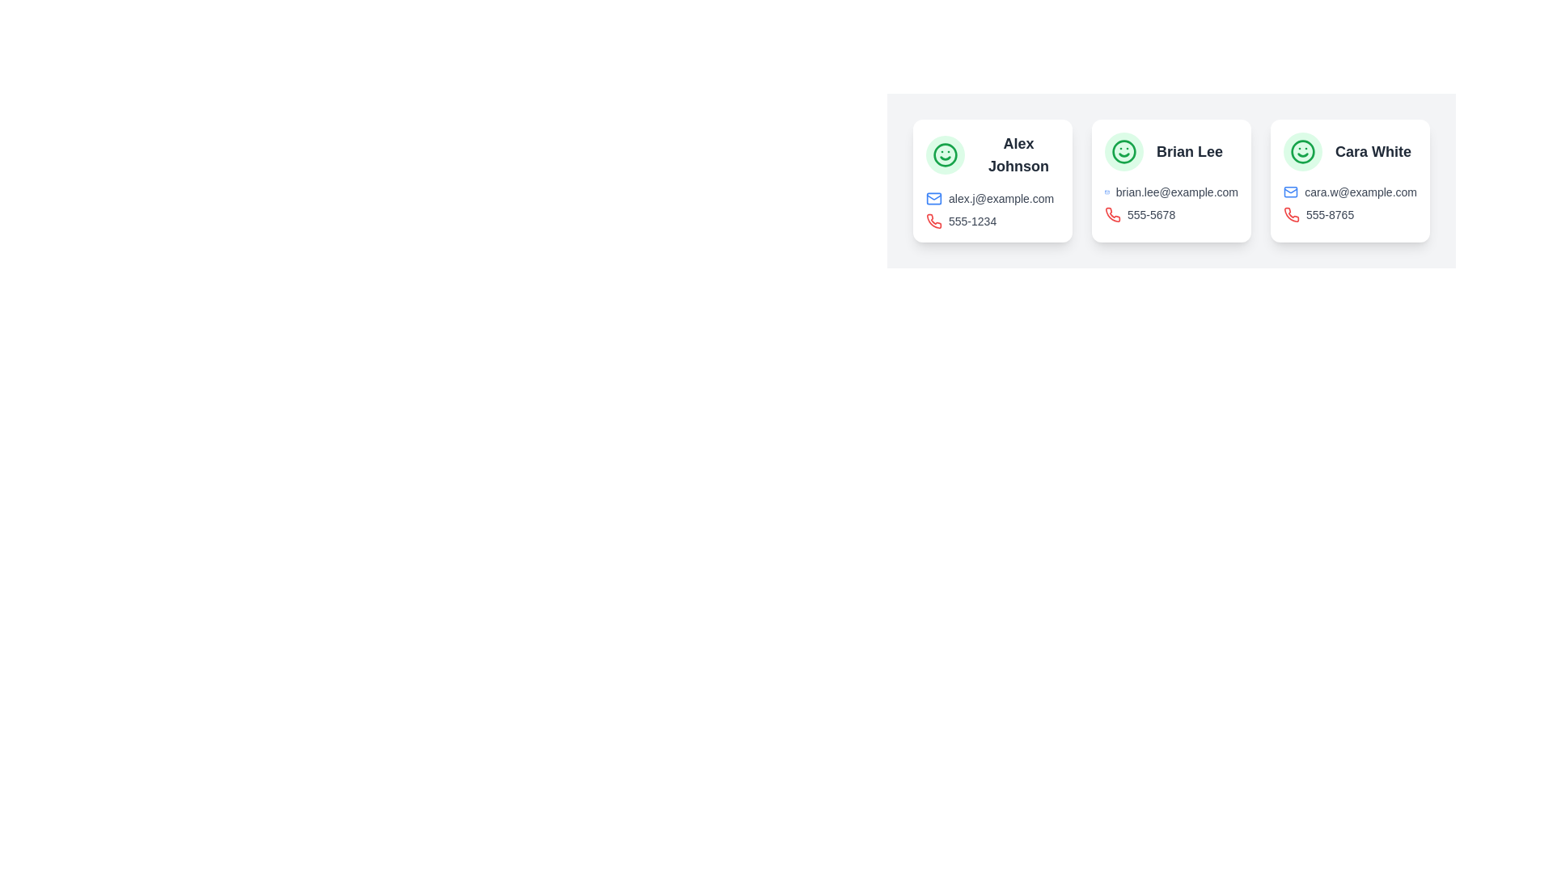  What do you see at coordinates (1350, 152) in the screenshot?
I see `the text label displaying 'Cara White', which is positioned to the right of a green circle with a smiling face icon, located in the title section of the rightmost card` at bounding box center [1350, 152].